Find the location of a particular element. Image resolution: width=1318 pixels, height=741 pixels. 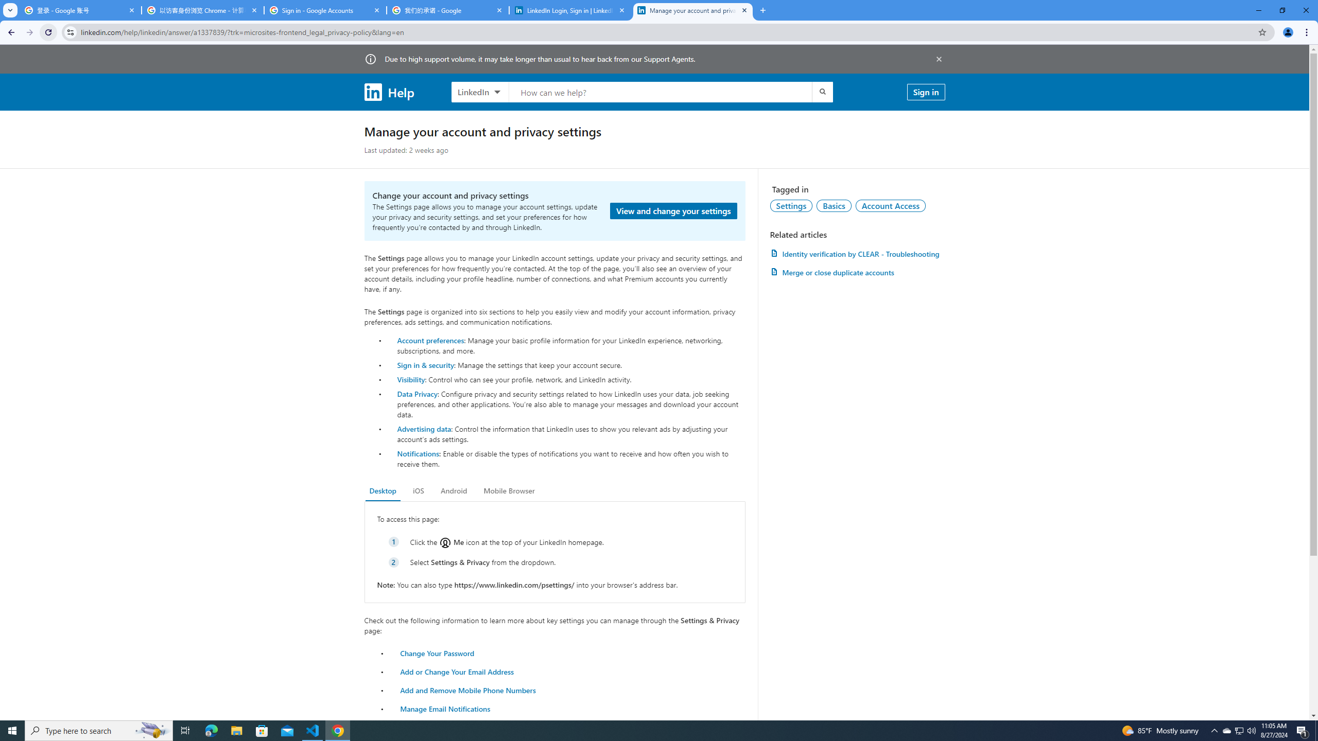

'View and change your settings' is located at coordinates (673, 210).